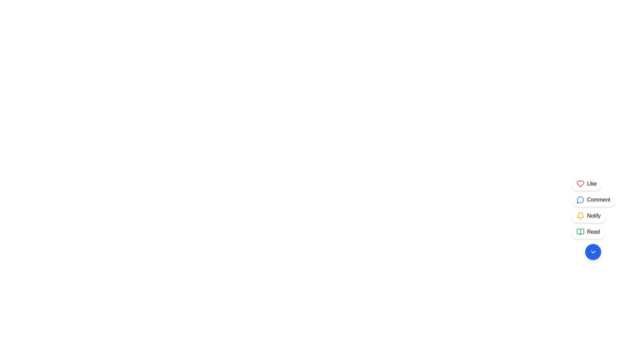  Describe the element at coordinates (592, 184) in the screenshot. I see `the 'Like' text label located to the right of the red heart icon at the top of the vertical stack of buttons on the right side of the interface` at that location.